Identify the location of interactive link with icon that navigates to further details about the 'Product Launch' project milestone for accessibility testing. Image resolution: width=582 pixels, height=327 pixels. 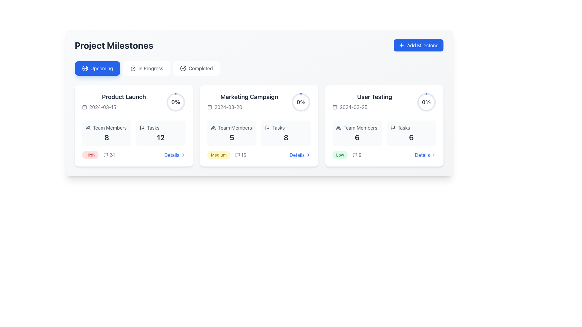
(174, 155).